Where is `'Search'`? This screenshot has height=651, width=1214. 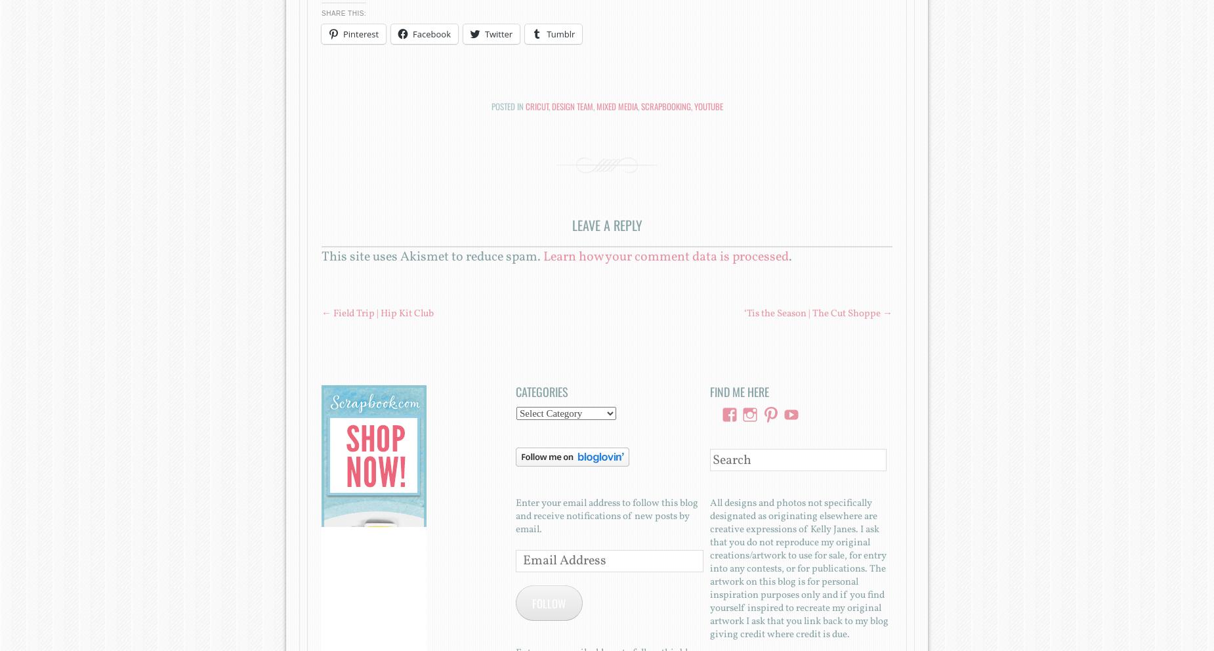 'Search' is located at coordinates (722, 459).